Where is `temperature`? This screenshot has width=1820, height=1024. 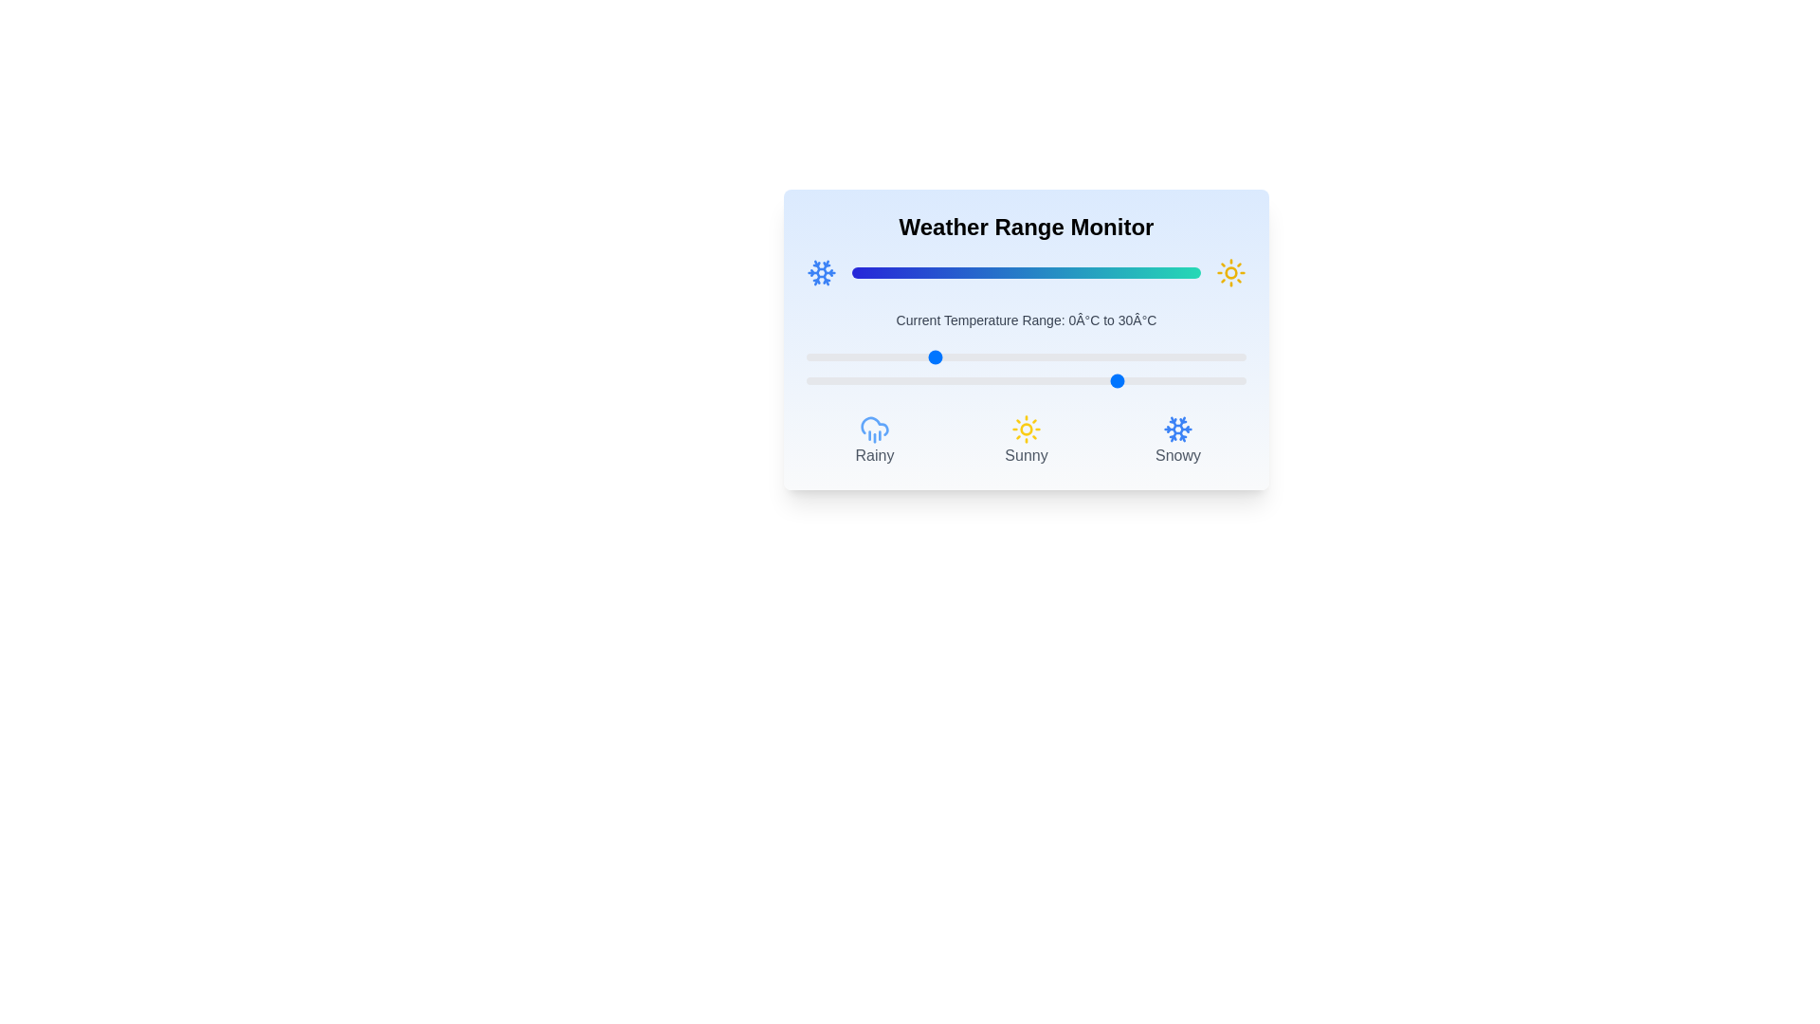 temperature is located at coordinates (1101, 380).